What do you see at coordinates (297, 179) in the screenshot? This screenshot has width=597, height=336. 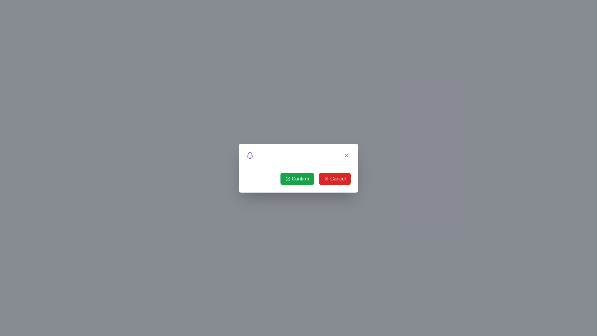 I see `the confirmation button located in the lower-right section of the modal dialog box` at bounding box center [297, 179].